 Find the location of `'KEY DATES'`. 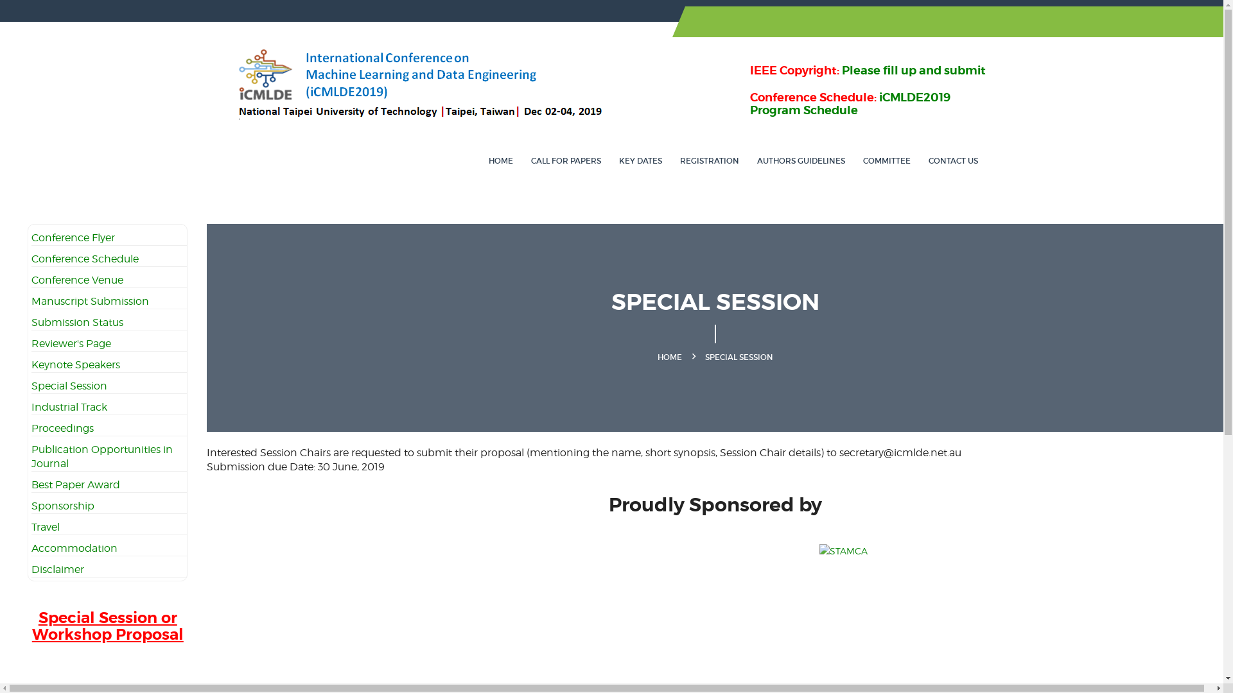

'KEY DATES' is located at coordinates (640, 160).